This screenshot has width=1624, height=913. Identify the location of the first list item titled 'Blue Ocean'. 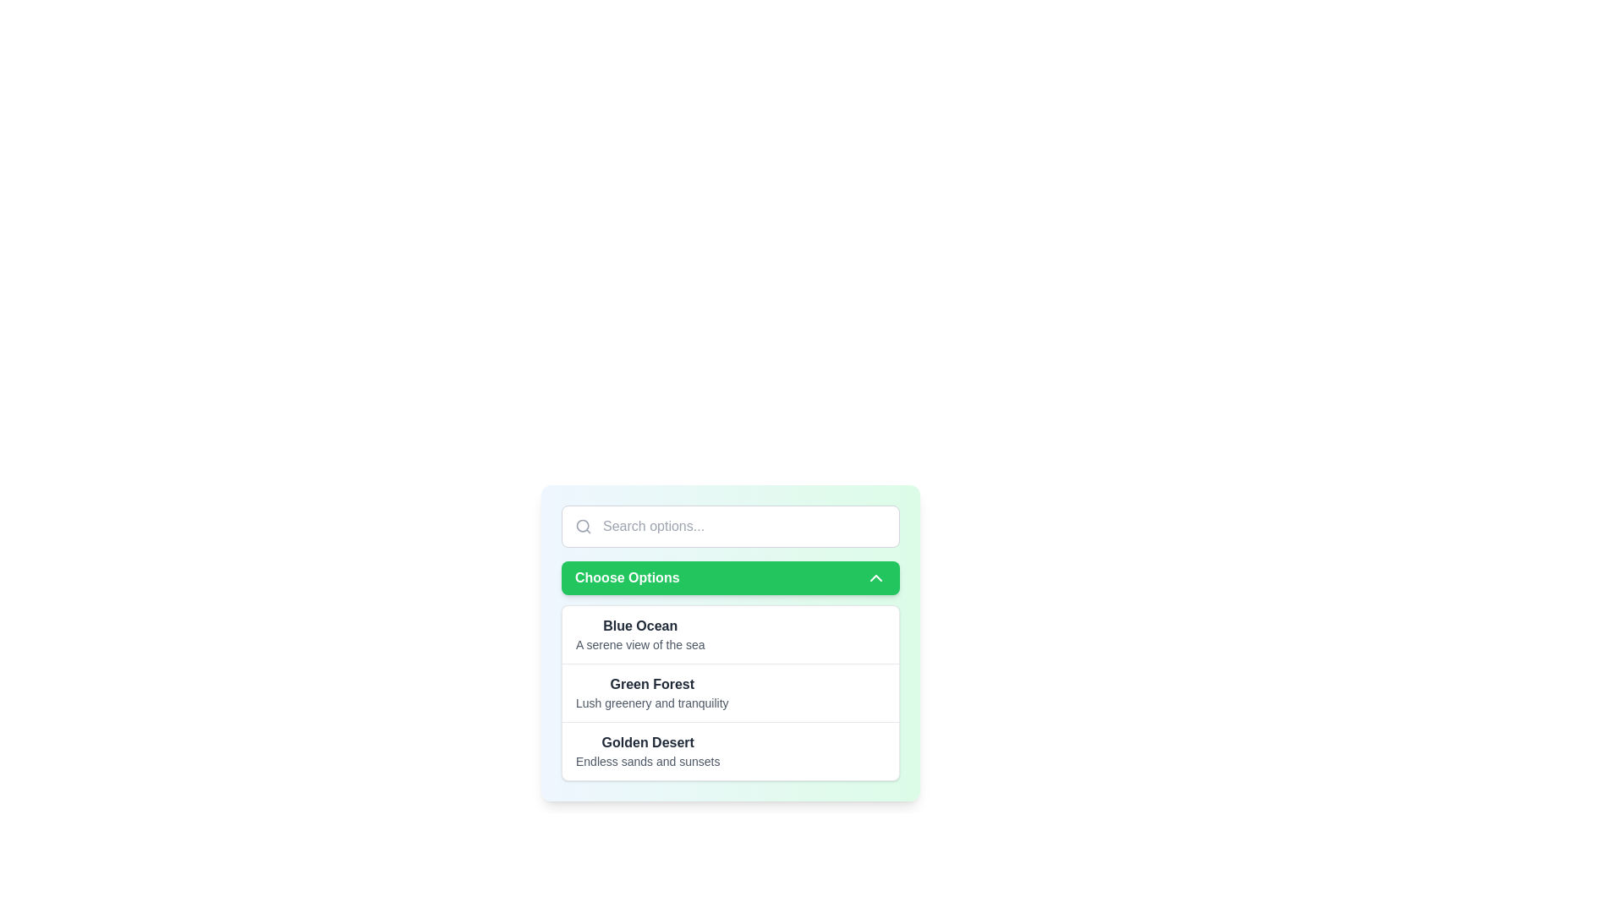
(731, 642).